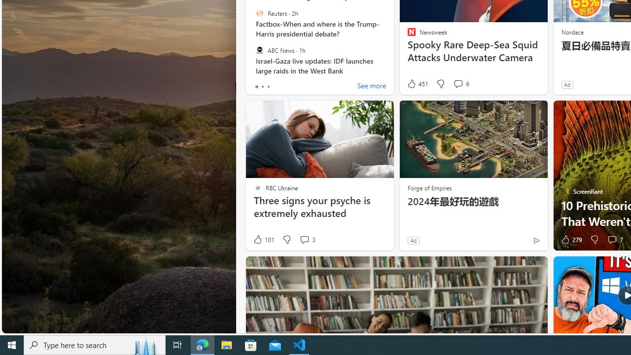 The height and width of the screenshot is (355, 631). I want to click on '279 Like', so click(570, 240).